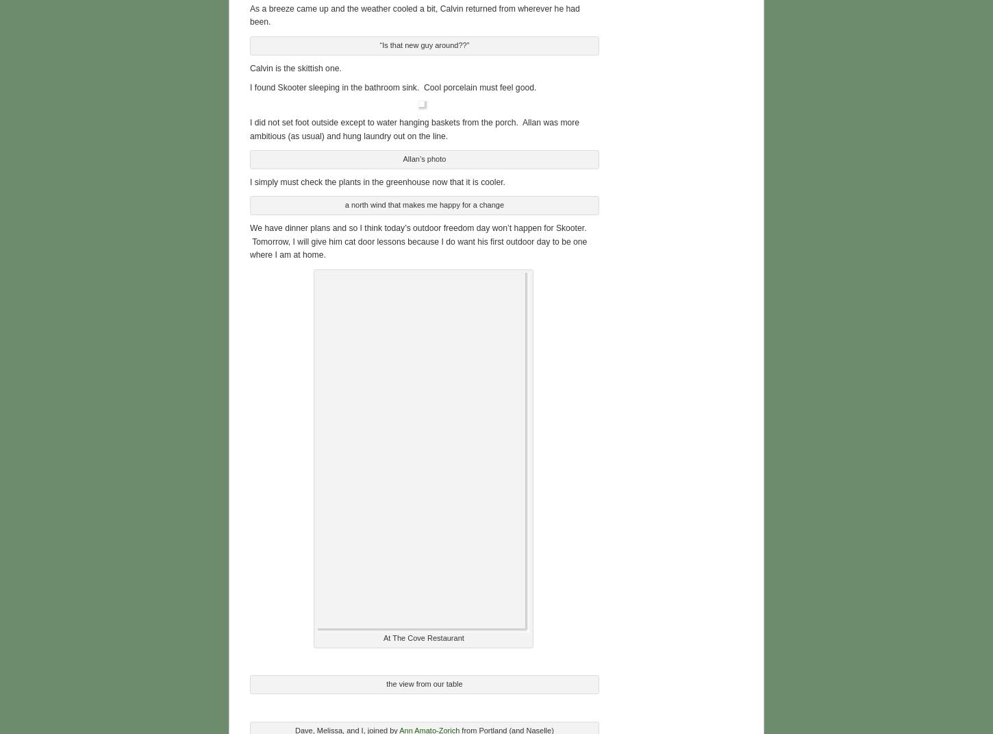  What do you see at coordinates (377, 181) in the screenshot?
I see `'I simply must check the plants in the greenhouse now that it is cooler.'` at bounding box center [377, 181].